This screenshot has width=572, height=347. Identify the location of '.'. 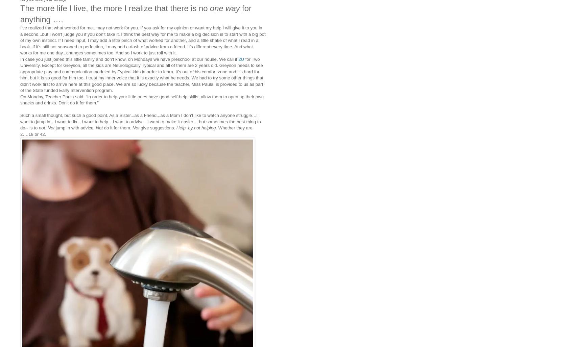
(46, 128).